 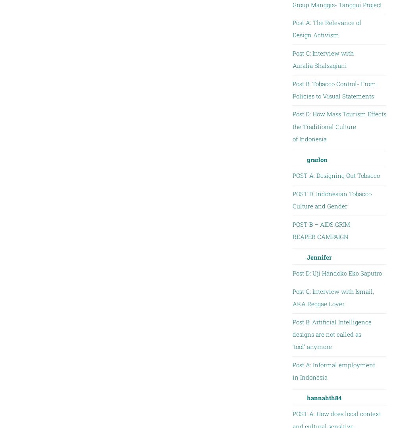 What do you see at coordinates (292, 59) in the screenshot?
I see `'Post C: Interview with Auralia Shalsagiani'` at bounding box center [292, 59].